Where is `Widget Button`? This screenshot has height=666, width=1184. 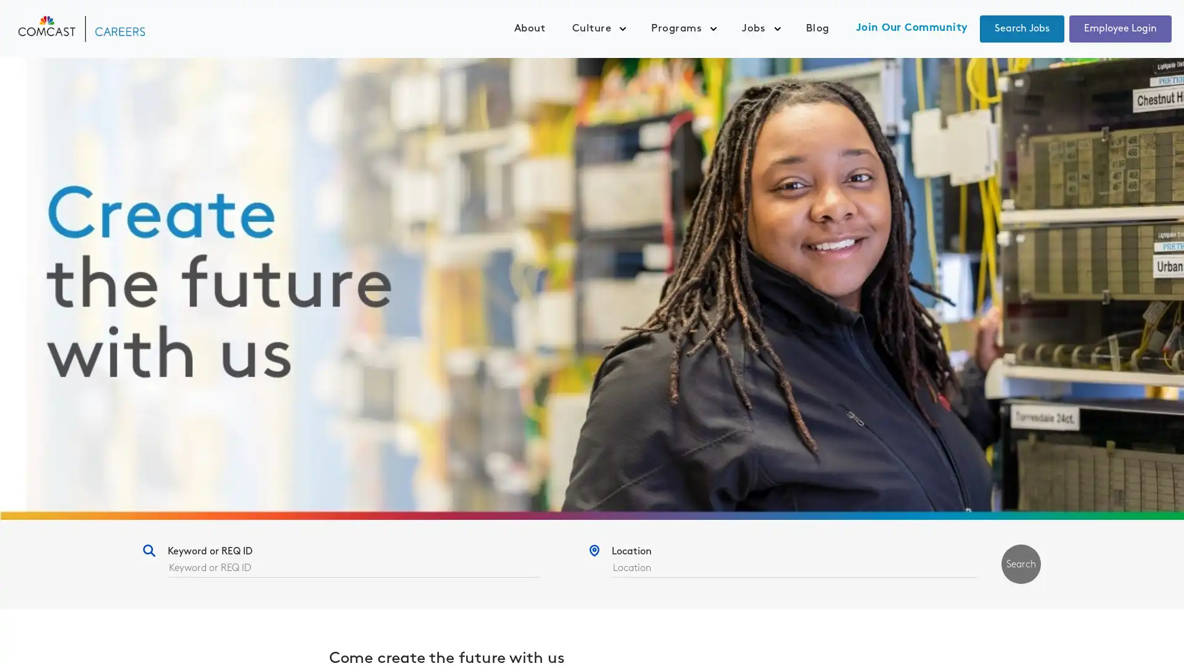 Widget Button is located at coordinates (1157, 639).